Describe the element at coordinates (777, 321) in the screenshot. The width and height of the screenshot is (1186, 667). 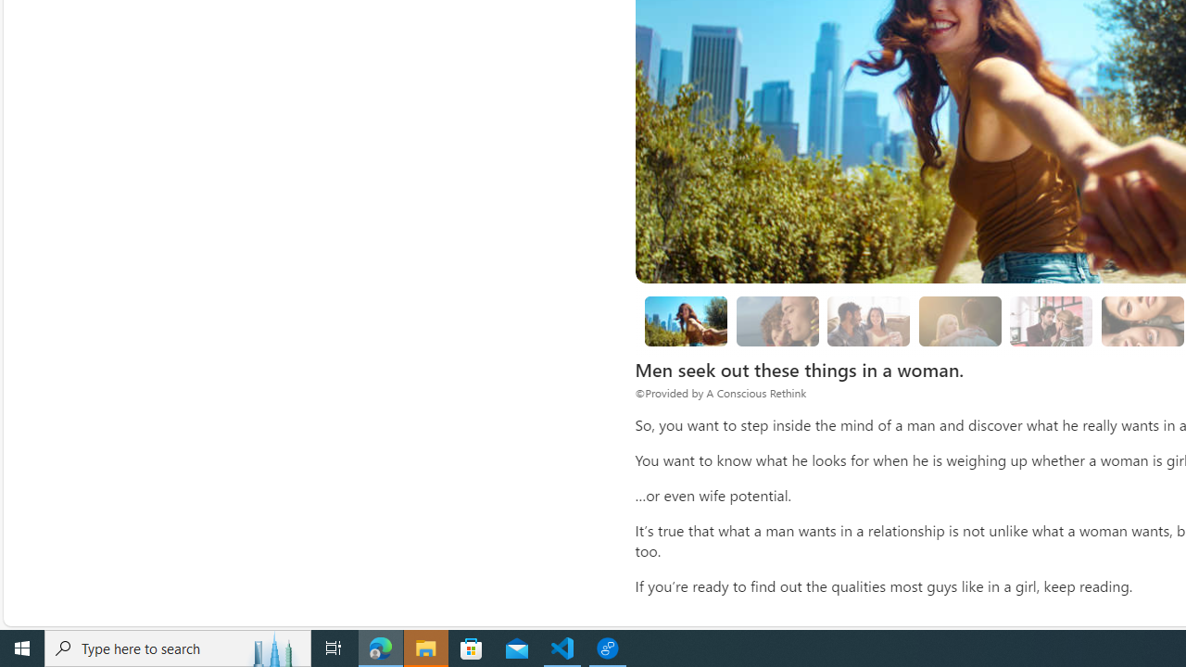
I see `'1. She is compassionate.'` at that location.